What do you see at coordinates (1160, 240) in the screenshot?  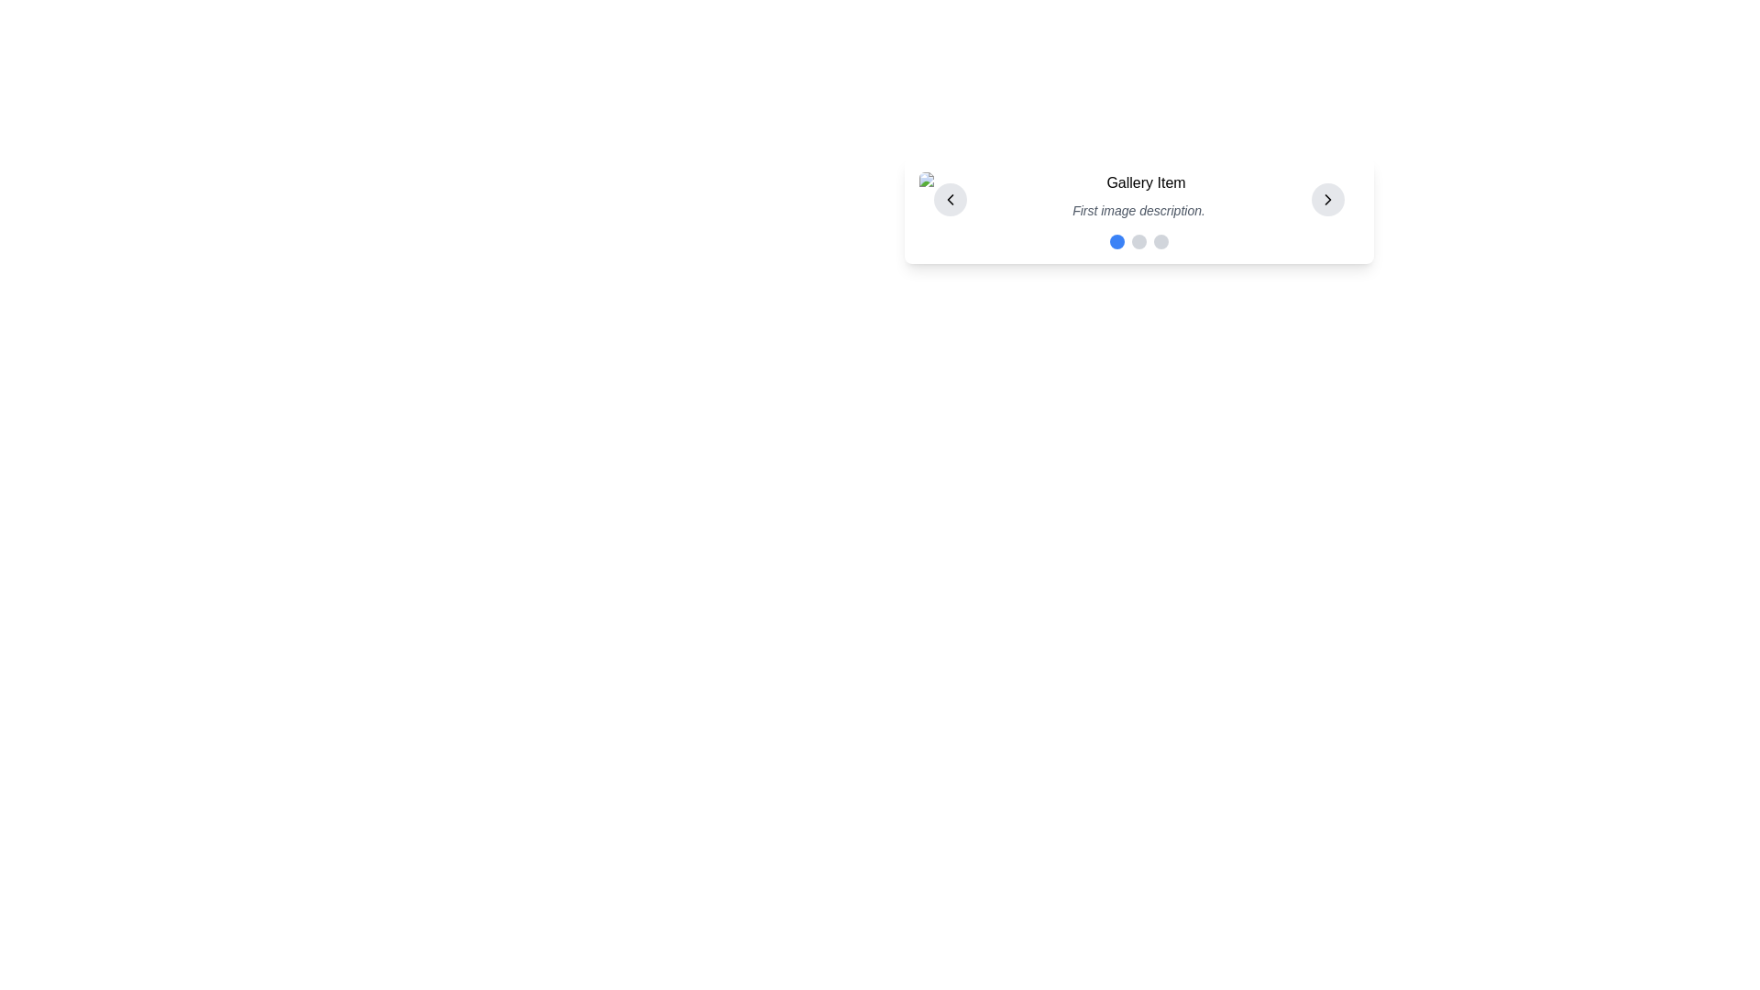 I see `the third circular Carousel indicator with a gray background located under the 'Gallery Item' section` at bounding box center [1160, 240].